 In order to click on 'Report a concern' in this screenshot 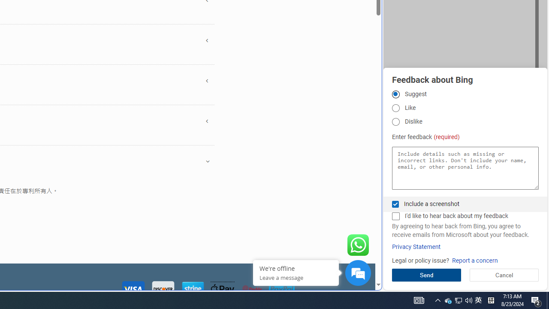, I will do `click(474, 260)`.